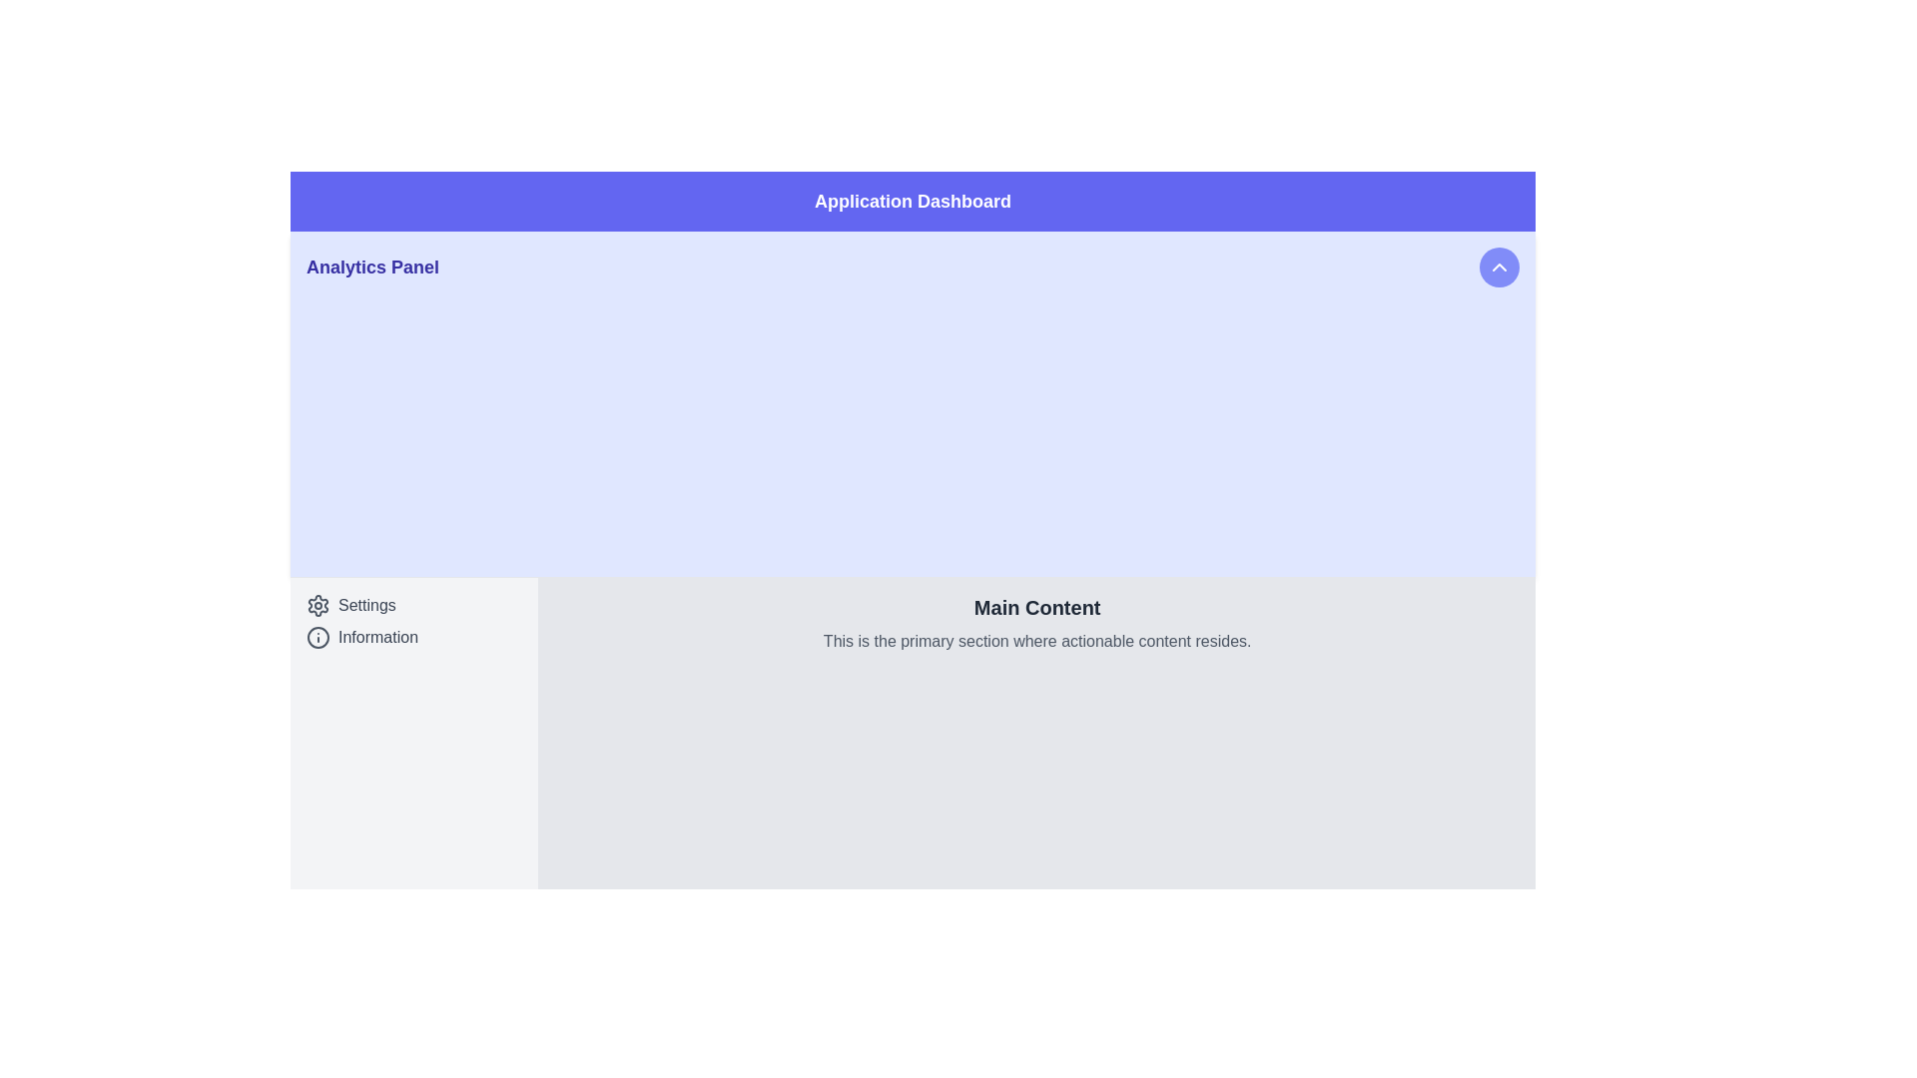 The image size is (1917, 1078). Describe the element at coordinates (317, 603) in the screenshot. I see `the gear-like icon` at that location.